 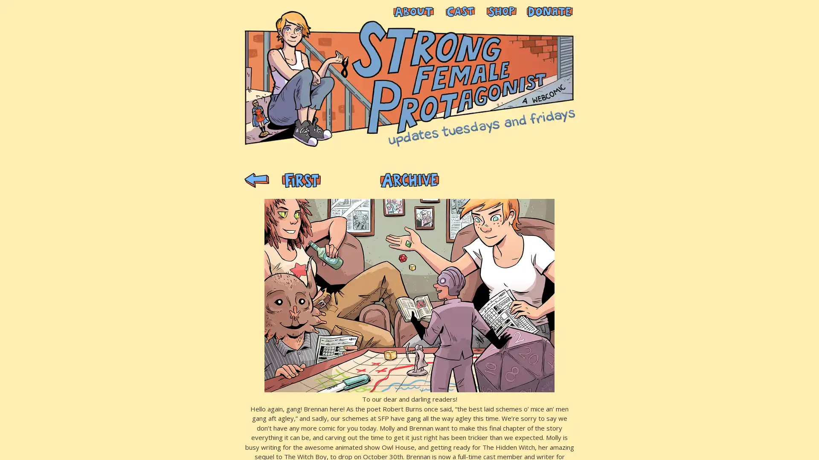 What do you see at coordinates (549, 11) in the screenshot?
I see `PayPal - The safer, easier way to pay online!` at bounding box center [549, 11].